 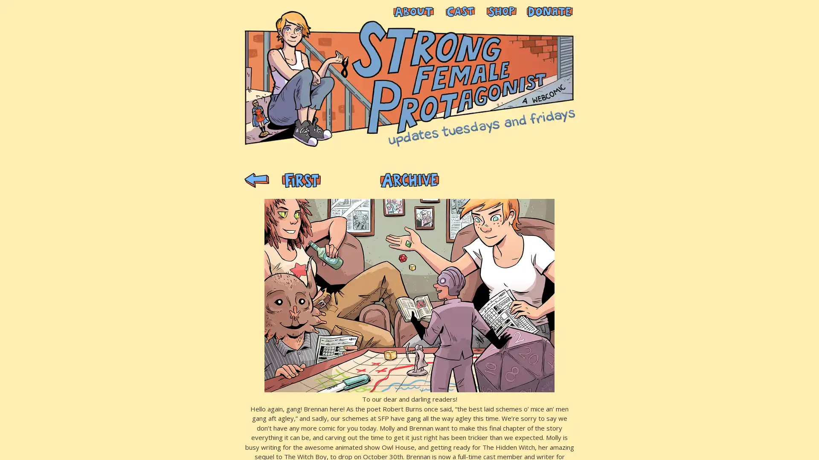 What do you see at coordinates (549, 11) in the screenshot?
I see `PayPal - The safer, easier way to pay online!` at bounding box center [549, 11].